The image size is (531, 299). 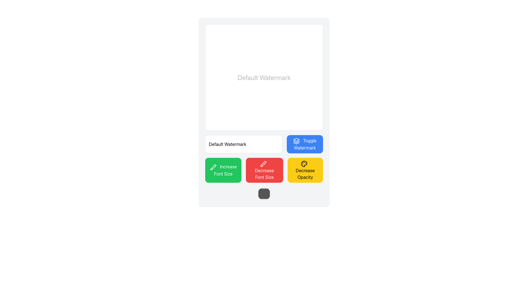 What do you see at coordinates (264, 170) in the screenshot?
I see `the middle button in the horizontal row of three buttons, which decreases the font size when clicked` at bounding box center [264, 170].